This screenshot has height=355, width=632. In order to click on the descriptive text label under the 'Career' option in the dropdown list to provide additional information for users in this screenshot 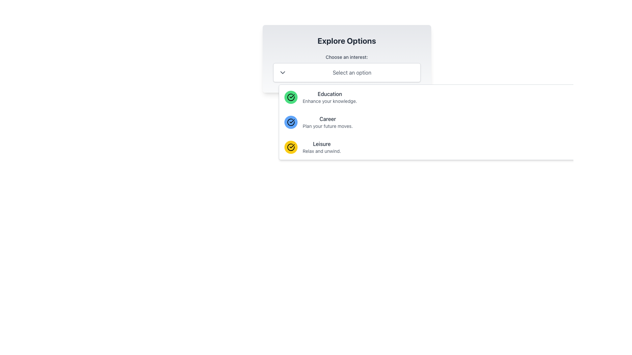, I will do `click(328, 126)`.